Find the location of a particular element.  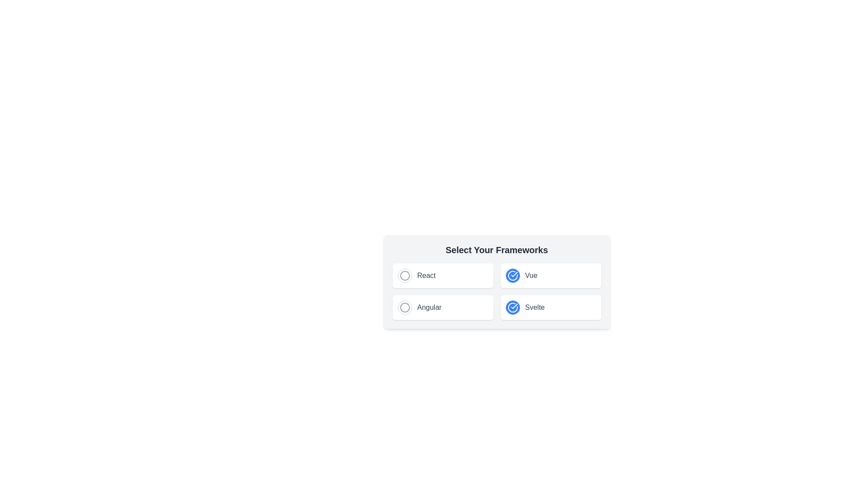

the text label that displays 'Vue', which is styled with a medium-weight font and gray color, located in the top-right quadrant of the 'Select Your Frameworks' section, to the right of a blue circular icon with a checkmark is located at coordinates (531, 275).